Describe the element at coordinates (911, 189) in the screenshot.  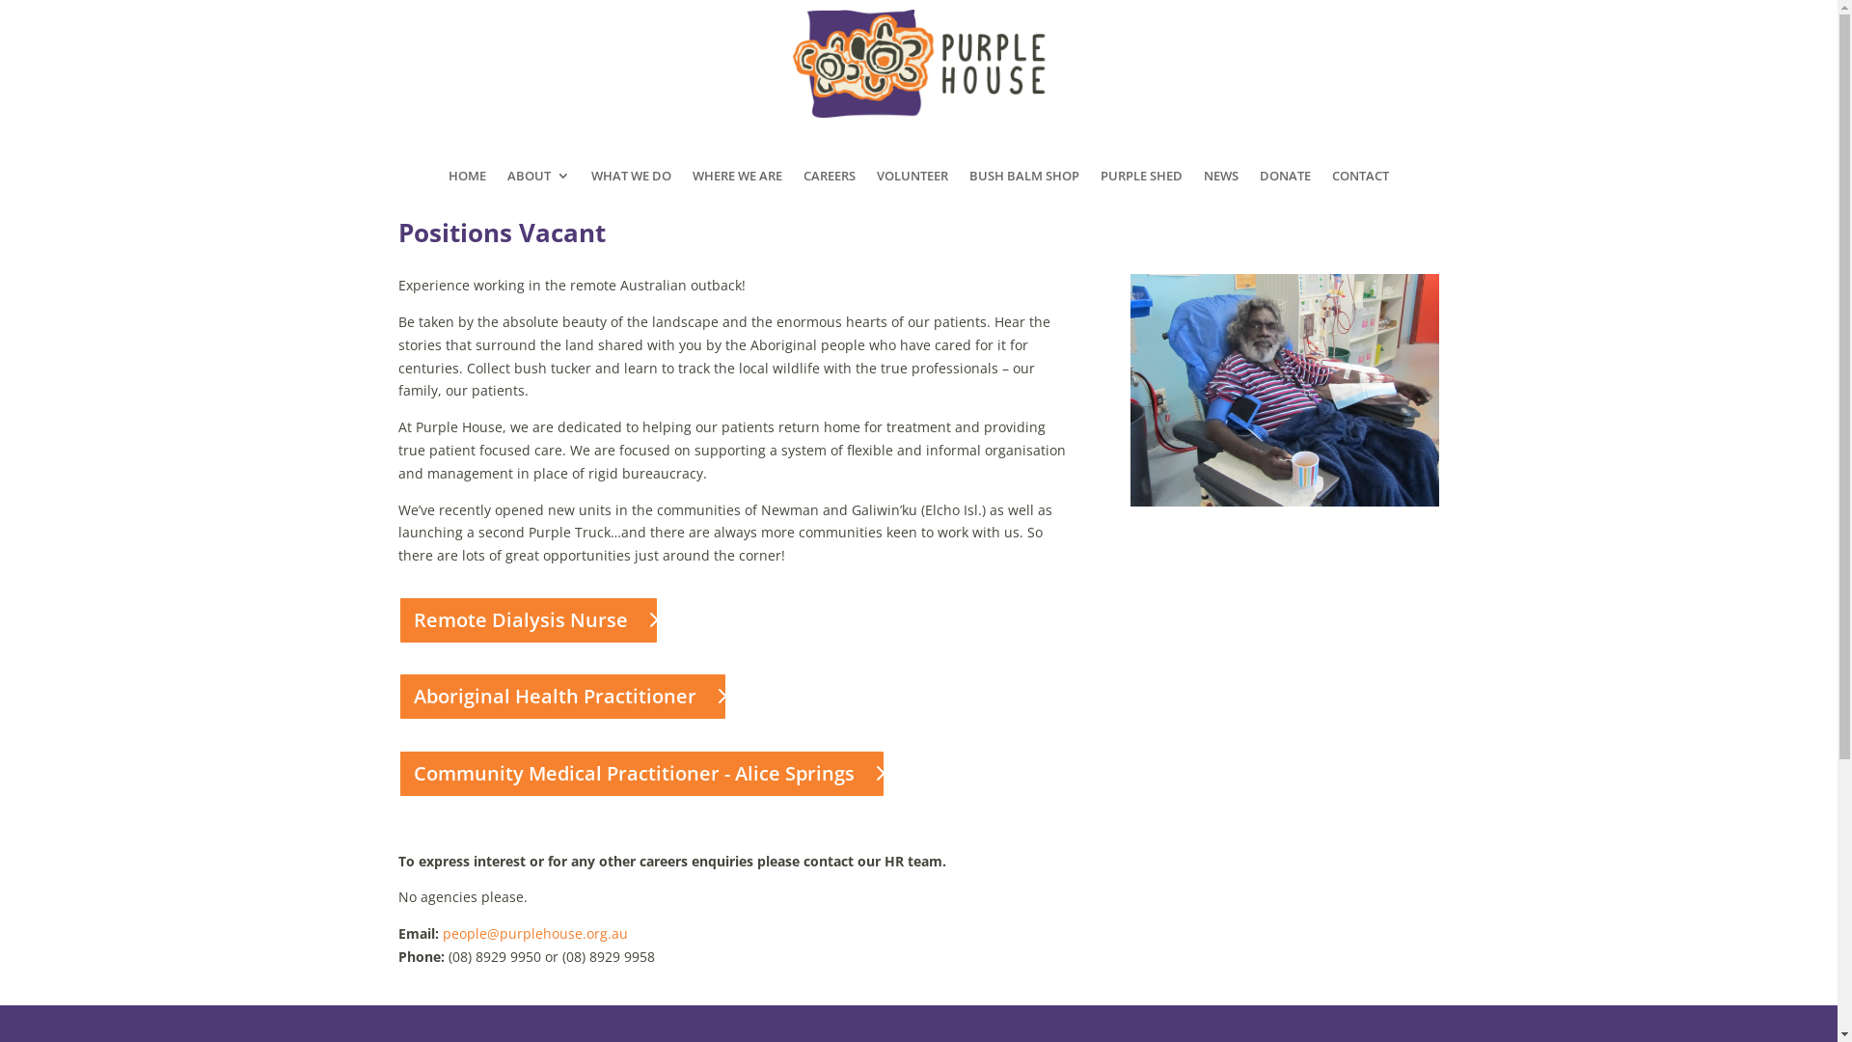
I see `'VOLUNTEER'` at that location.